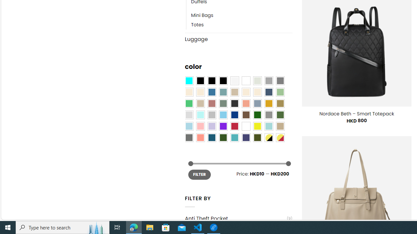 This screenshot has width=417, height=234. What do you see at coordinates (199, 174) in the screenshot?
I see `'FILTER'` at bounding box center [199, 174].